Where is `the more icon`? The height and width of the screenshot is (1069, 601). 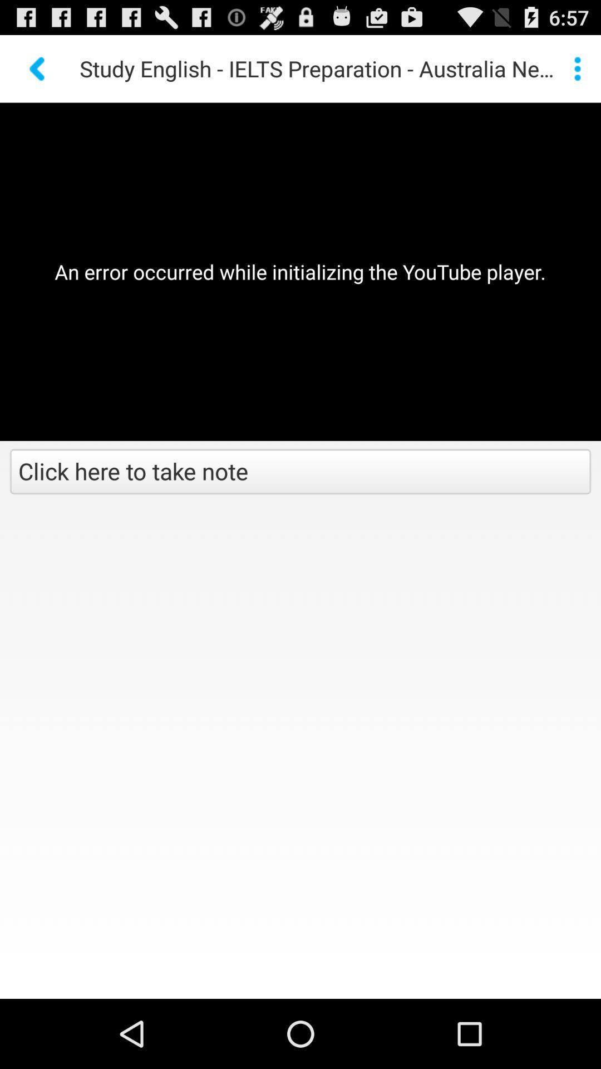
the more icon is located at coordinates (577, 73).